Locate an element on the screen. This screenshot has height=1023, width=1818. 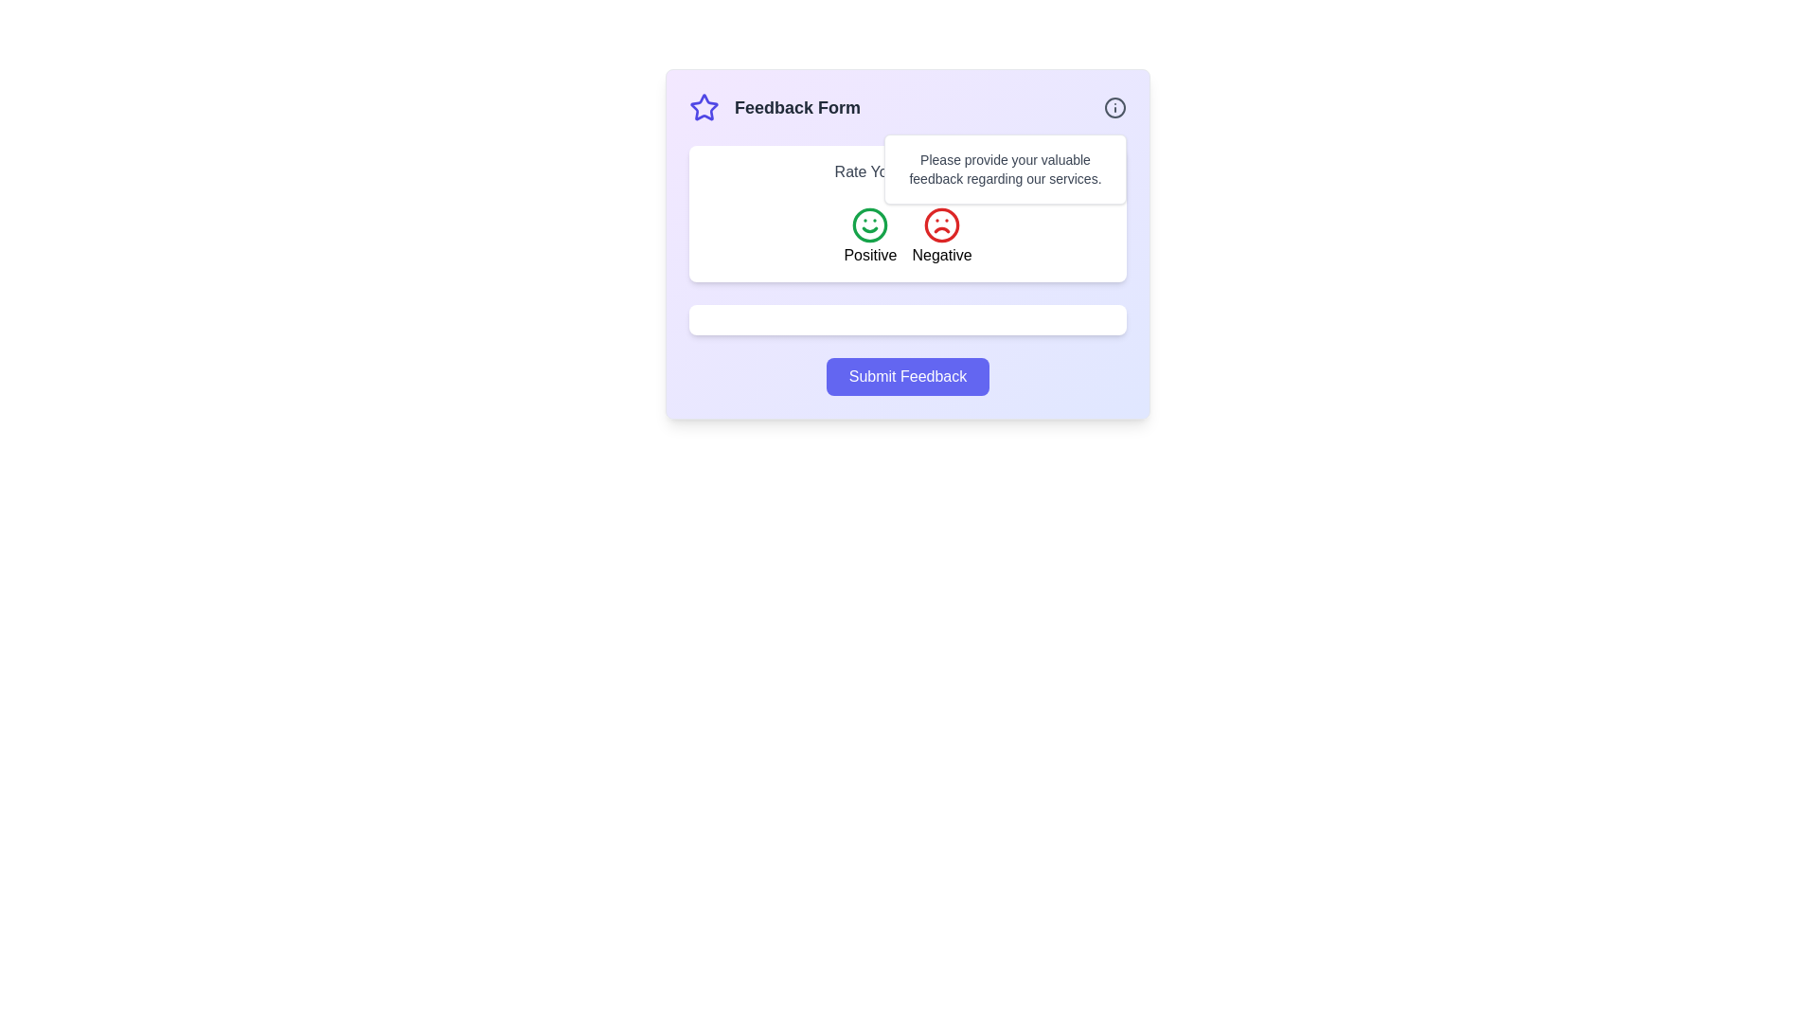
the 'Submit Feedback' button, which is a rounded rectangular button with a solid indigo background and white text, located centrally in the lower section of the feedback form panel is located at coordinates (907, 376).